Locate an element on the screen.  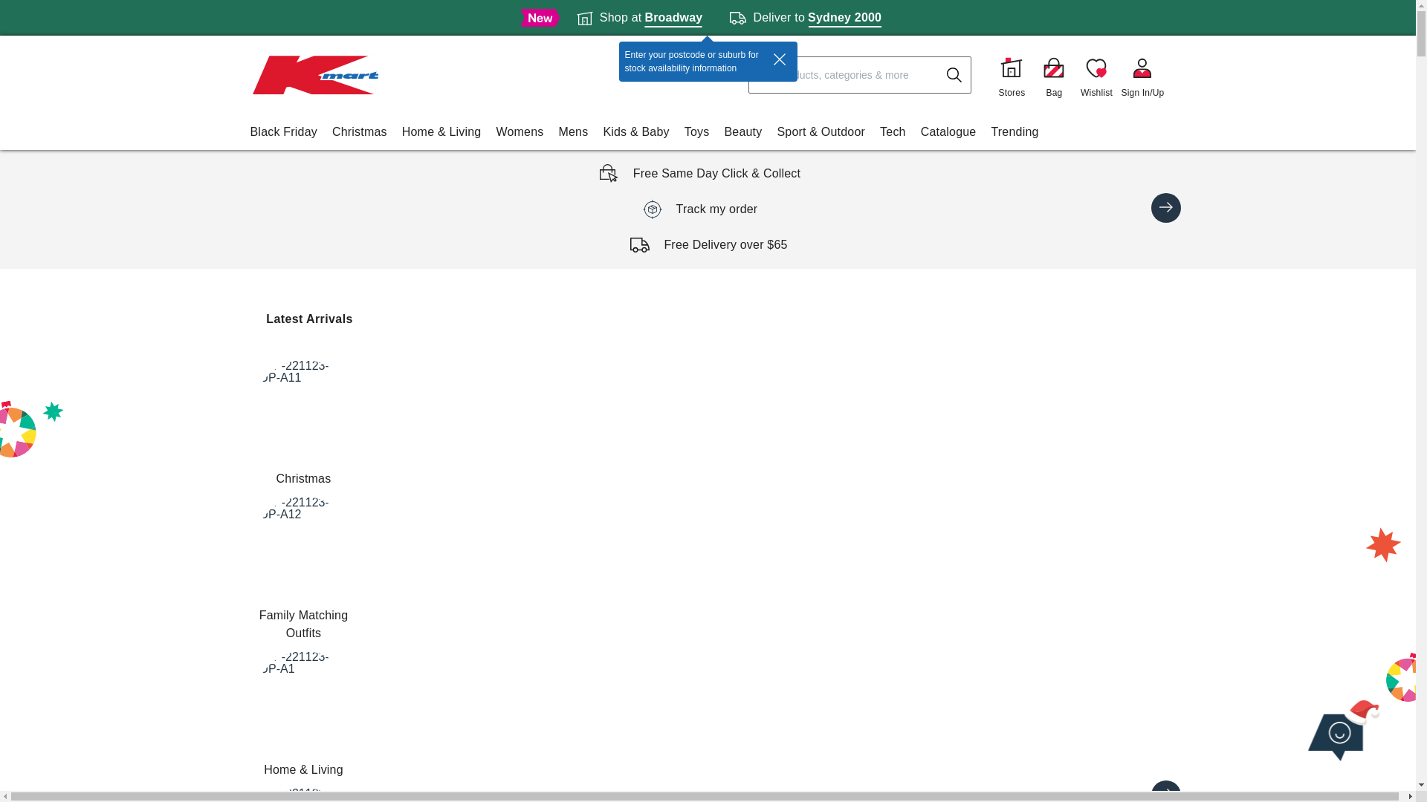
'Womens' is located at coordinates (520, 131).